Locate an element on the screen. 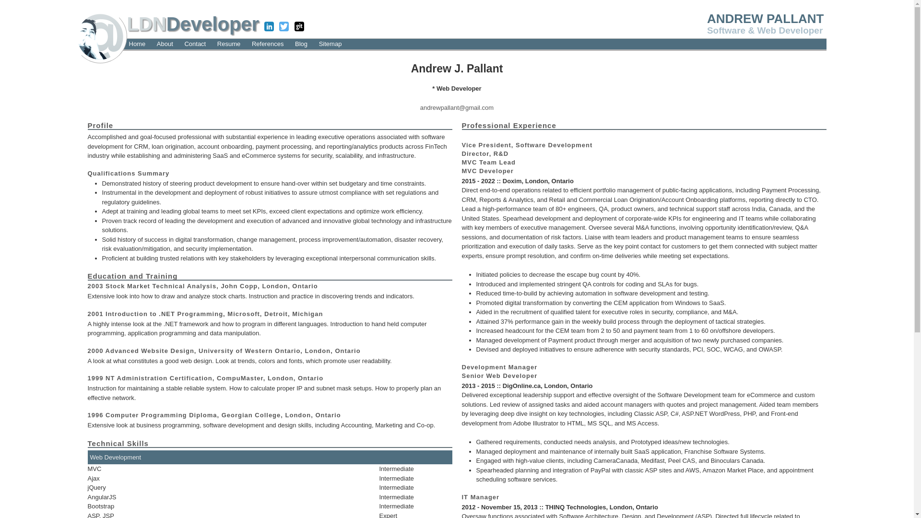 Image resolution: width=921 pixels, height=518 pixels. 'Click For My GitHub Profile' is located at coordinates (299, 27).